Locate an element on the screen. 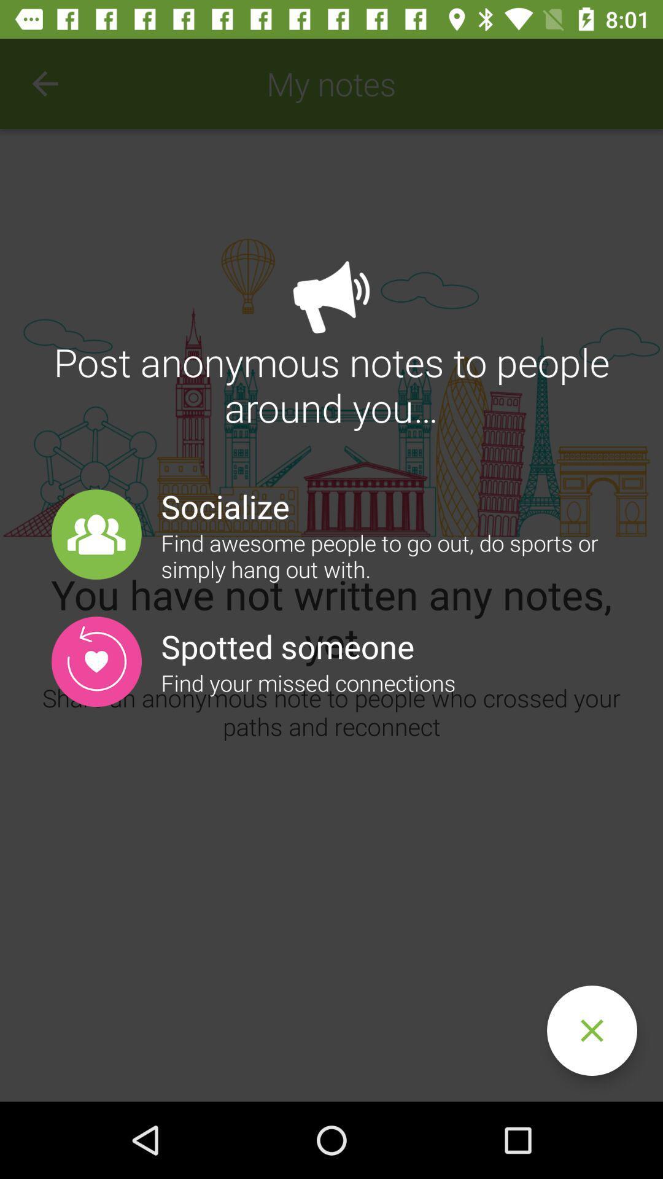 This screenshot has width=663, height=1179. screen is located at coordinates (591, 1030).